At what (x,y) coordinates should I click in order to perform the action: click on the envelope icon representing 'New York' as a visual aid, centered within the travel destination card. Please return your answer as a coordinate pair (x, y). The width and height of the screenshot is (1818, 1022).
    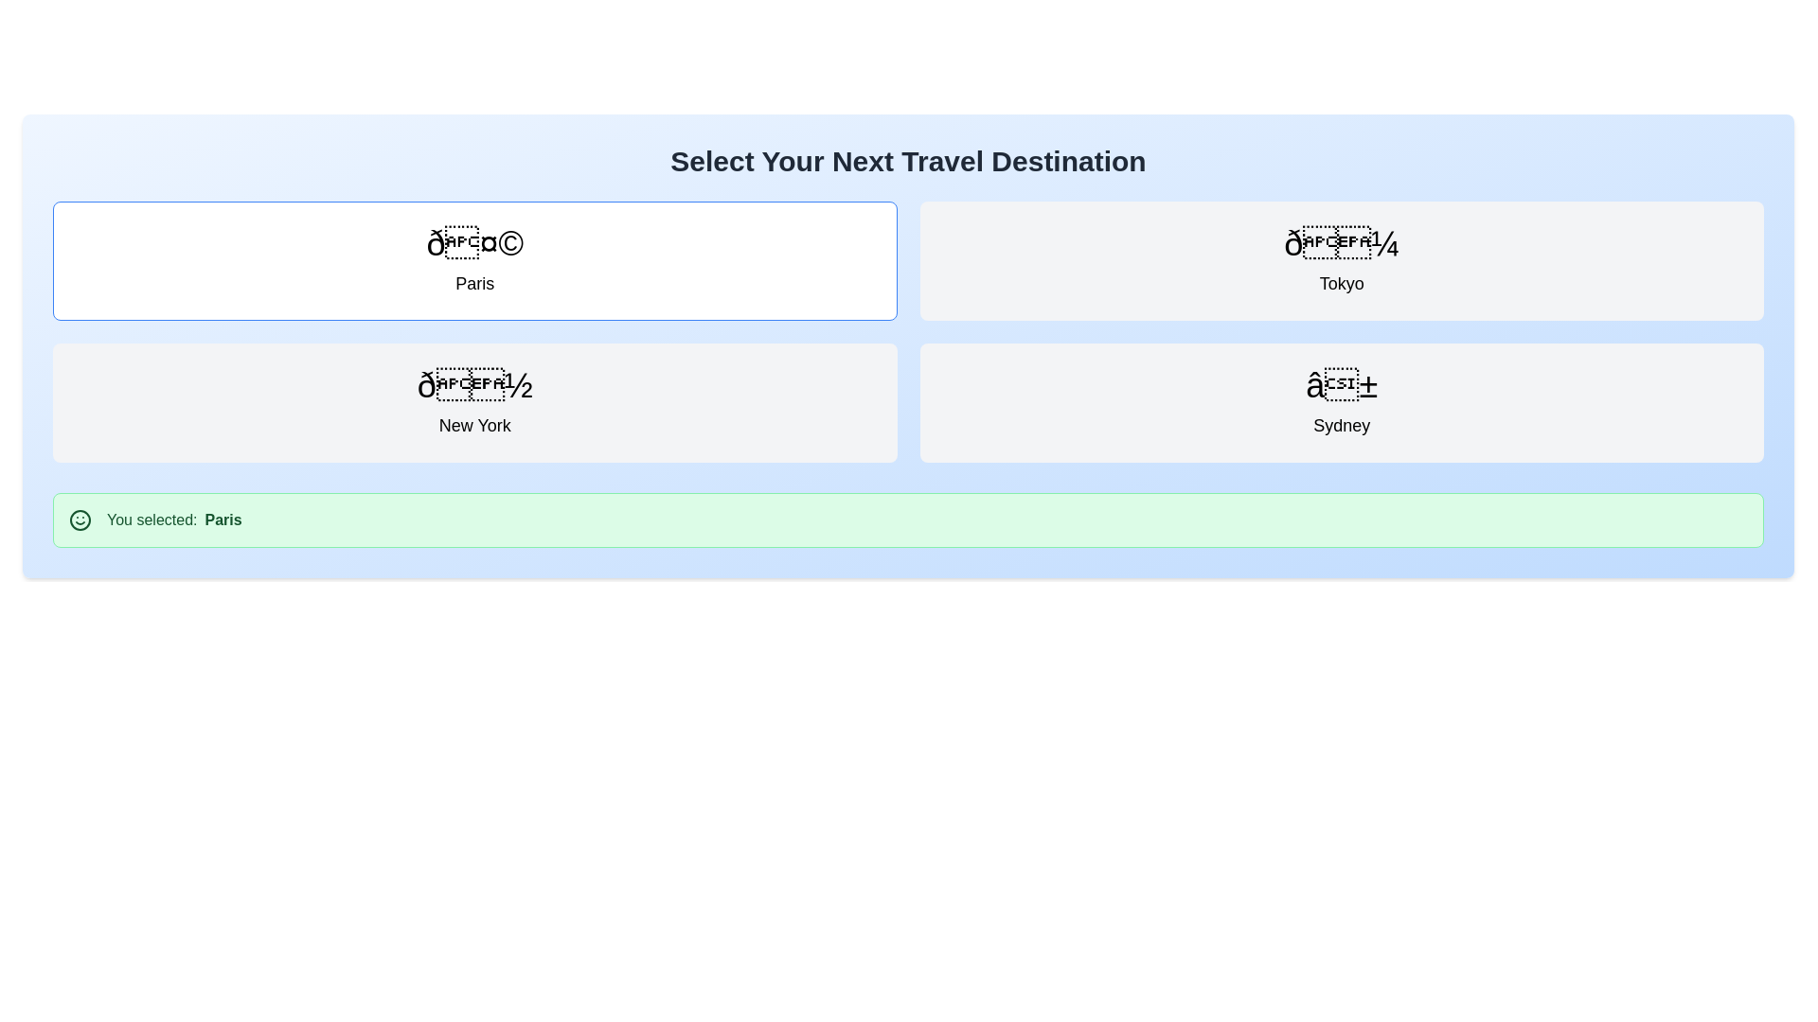
    Looking at the image, I should click on (474, 385).